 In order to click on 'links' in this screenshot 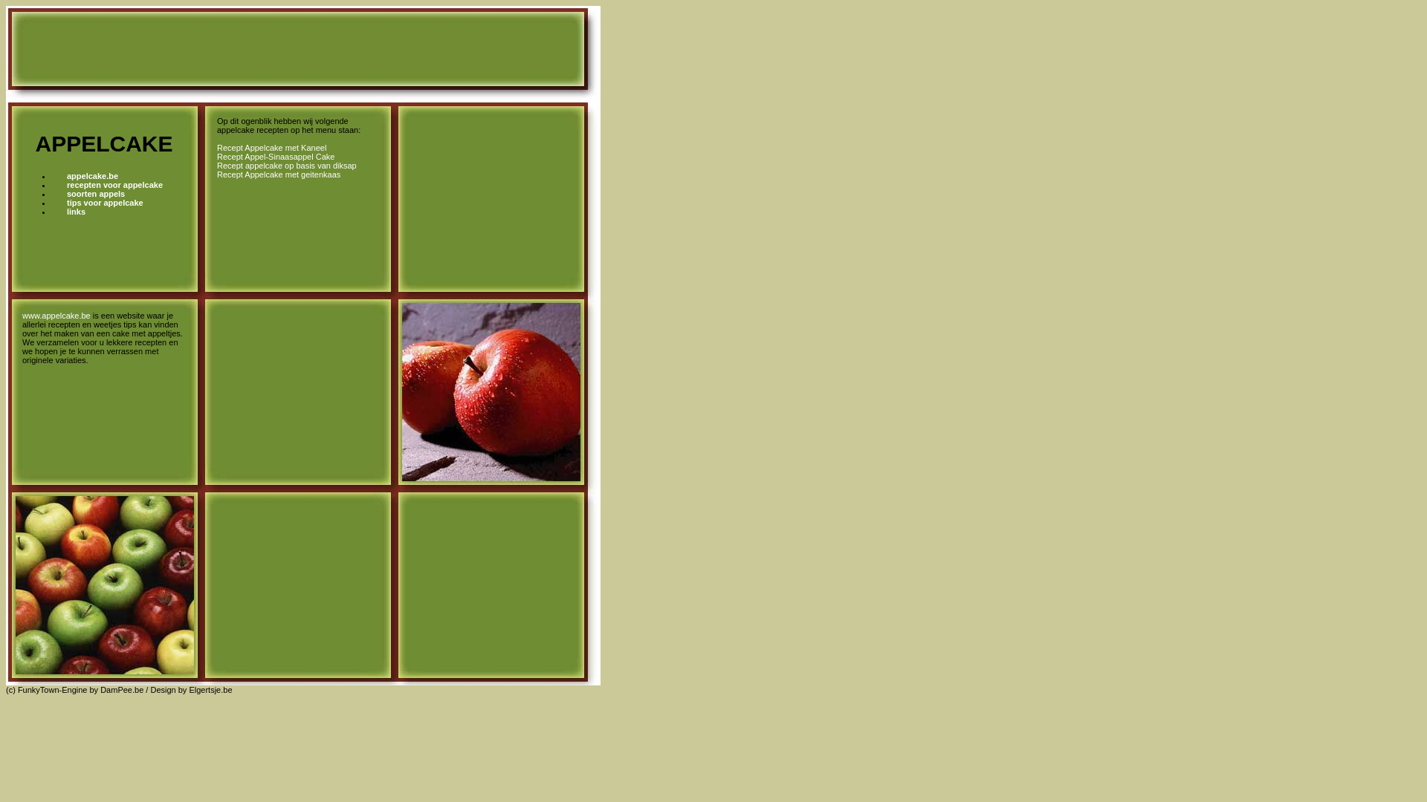, I will do `click(66, 212)`.